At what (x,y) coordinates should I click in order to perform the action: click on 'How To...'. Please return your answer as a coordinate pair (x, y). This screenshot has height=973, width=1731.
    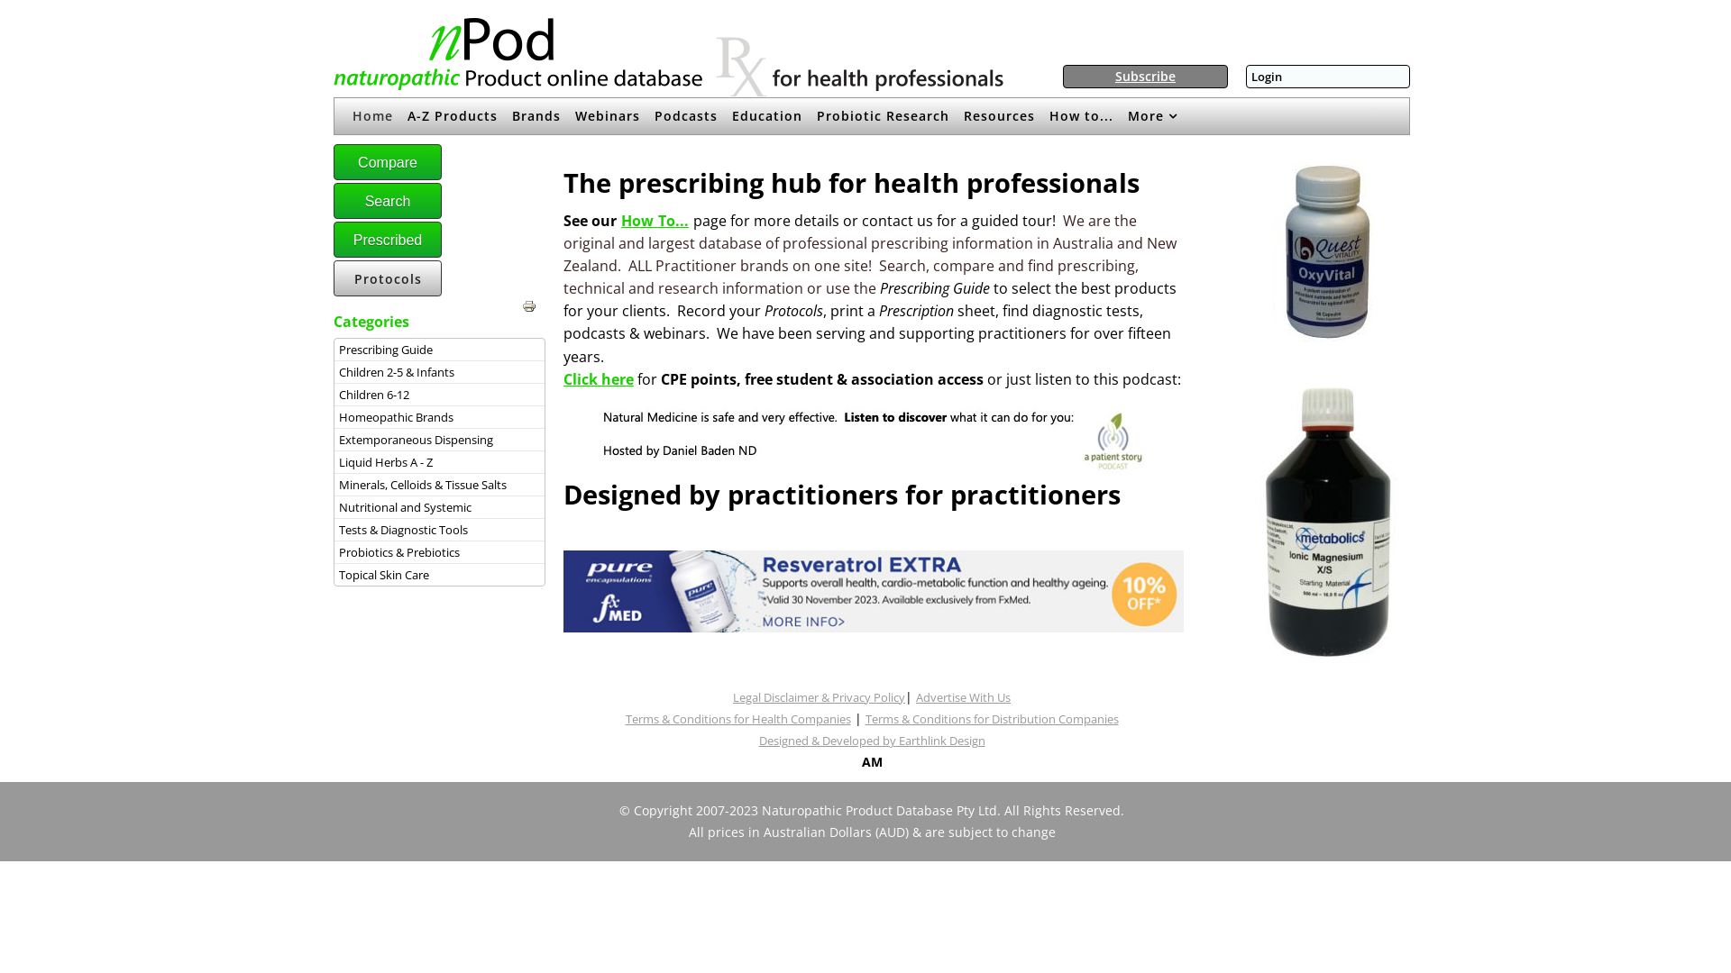
    Looking at the image, I should click on (621, 218).